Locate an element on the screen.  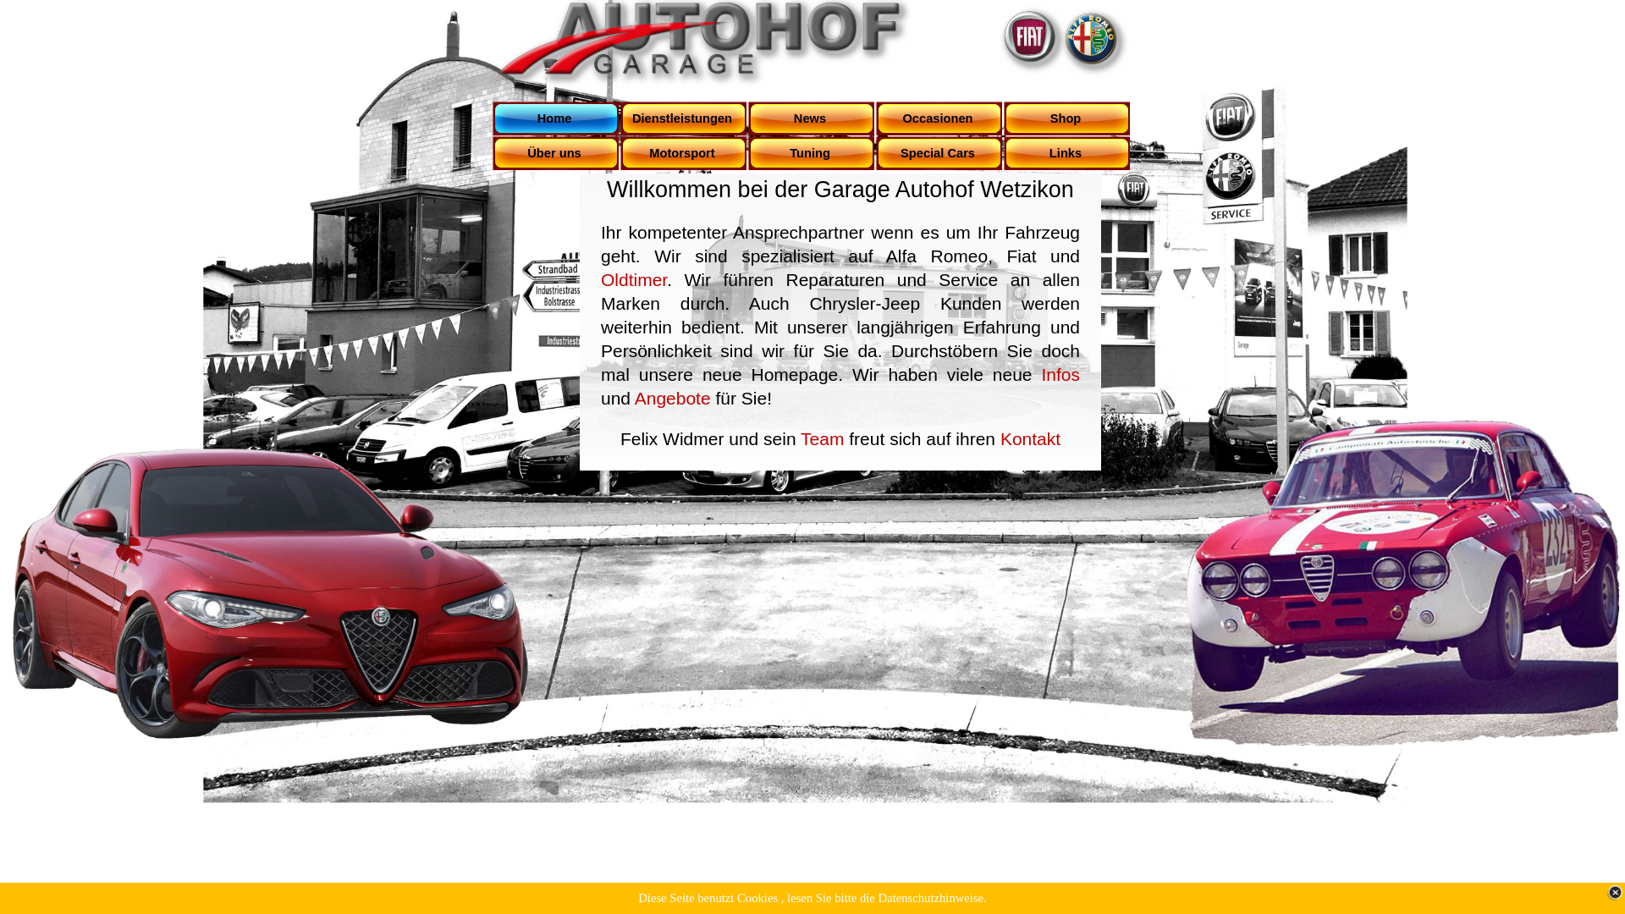
'Shop' is located at coordinates (1066, 118).